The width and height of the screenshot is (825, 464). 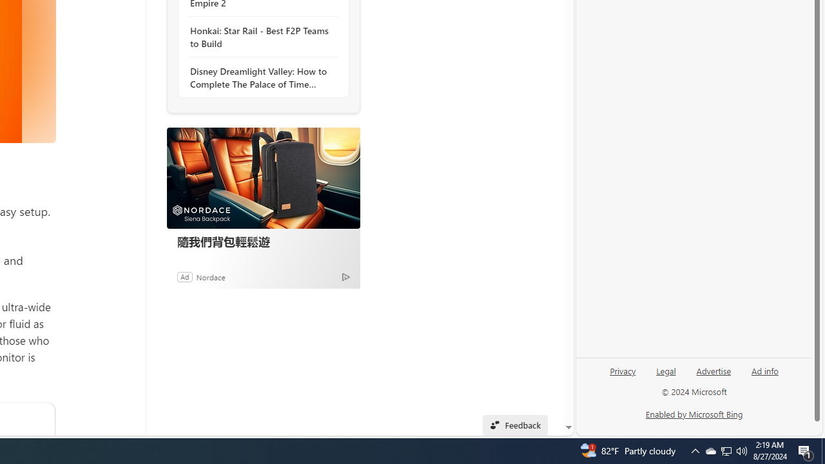 I want to click on 'Ad info', so click(x=765, y=370).